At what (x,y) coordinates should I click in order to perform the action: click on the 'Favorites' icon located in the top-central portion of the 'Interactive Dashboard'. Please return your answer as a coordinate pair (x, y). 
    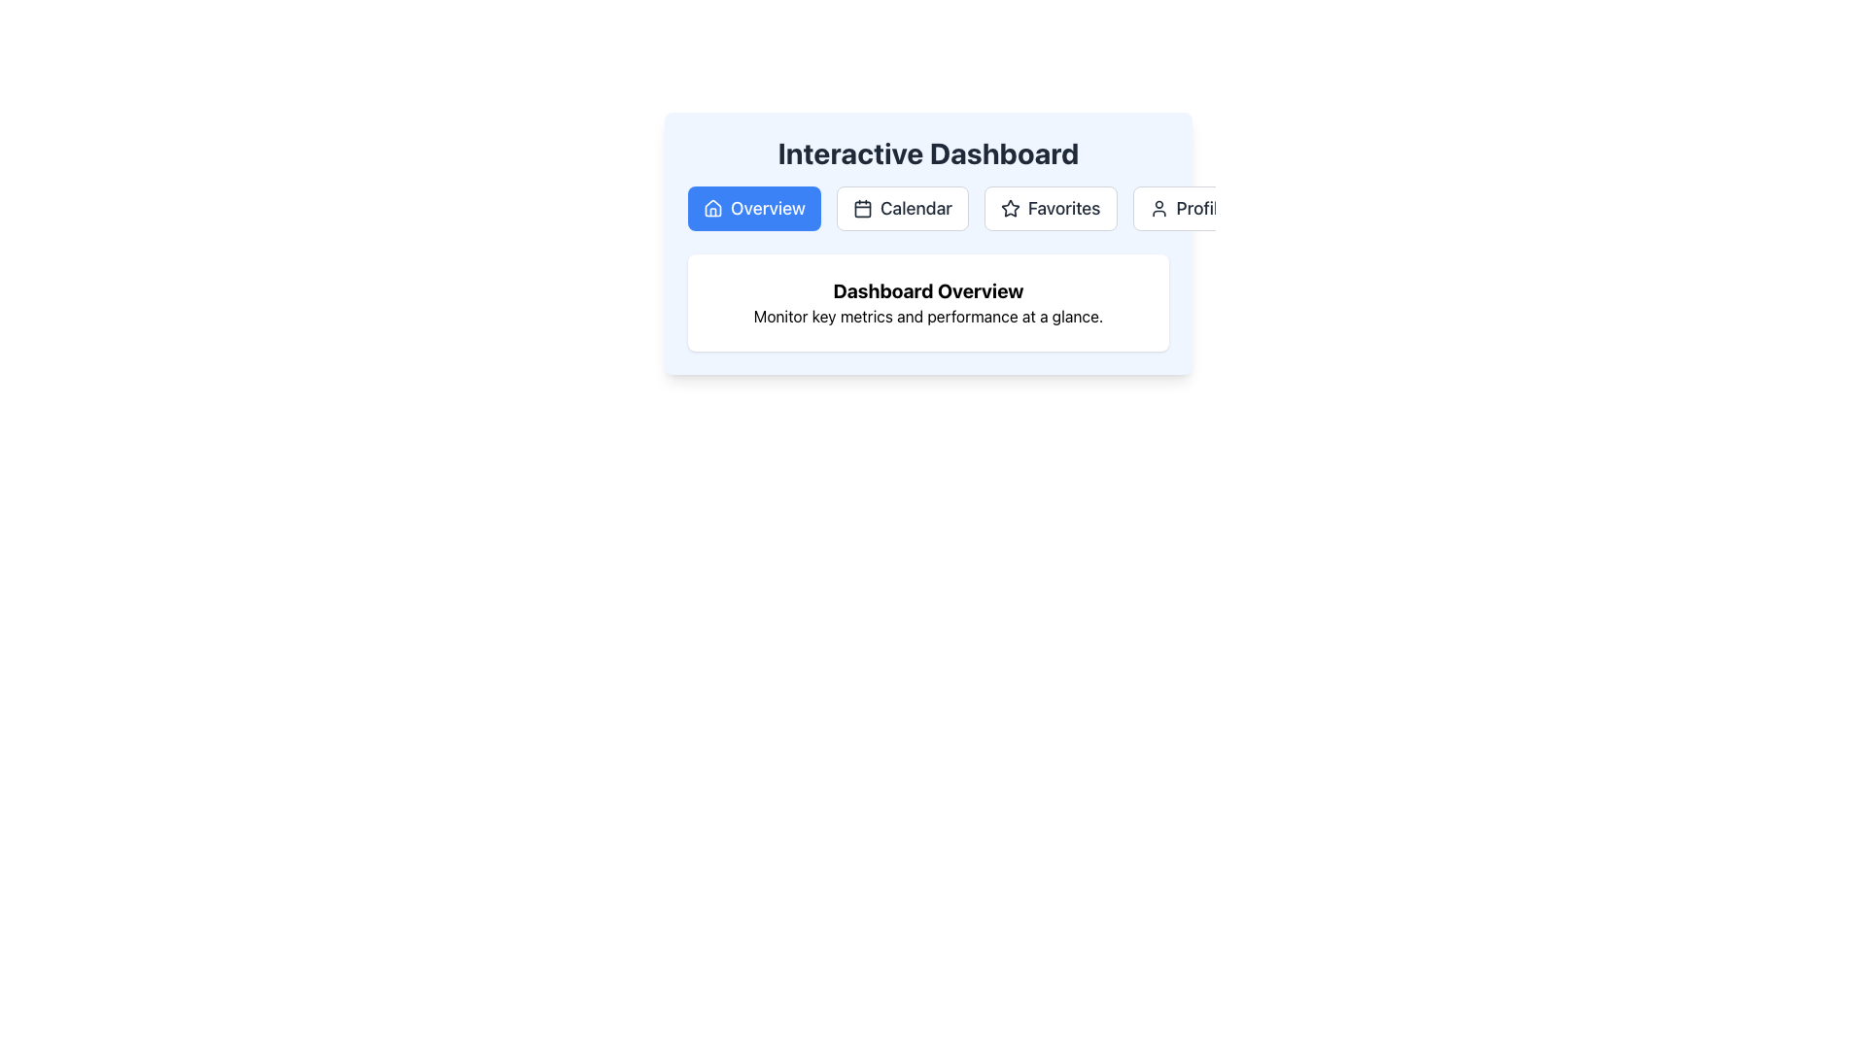
    Looking at the image, I should click on (1011, 209).